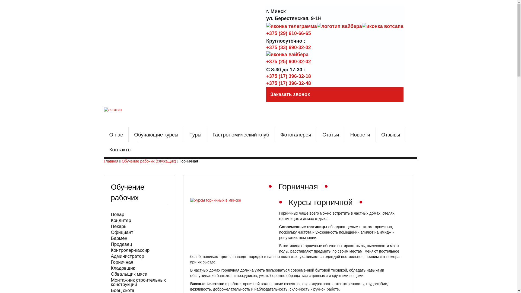 The width and height of the screenshot is (521, 293). Describe the element at coordinates (288, 61) in the screenshot. I see `'+375 (25) 600-32-02'` at that location.